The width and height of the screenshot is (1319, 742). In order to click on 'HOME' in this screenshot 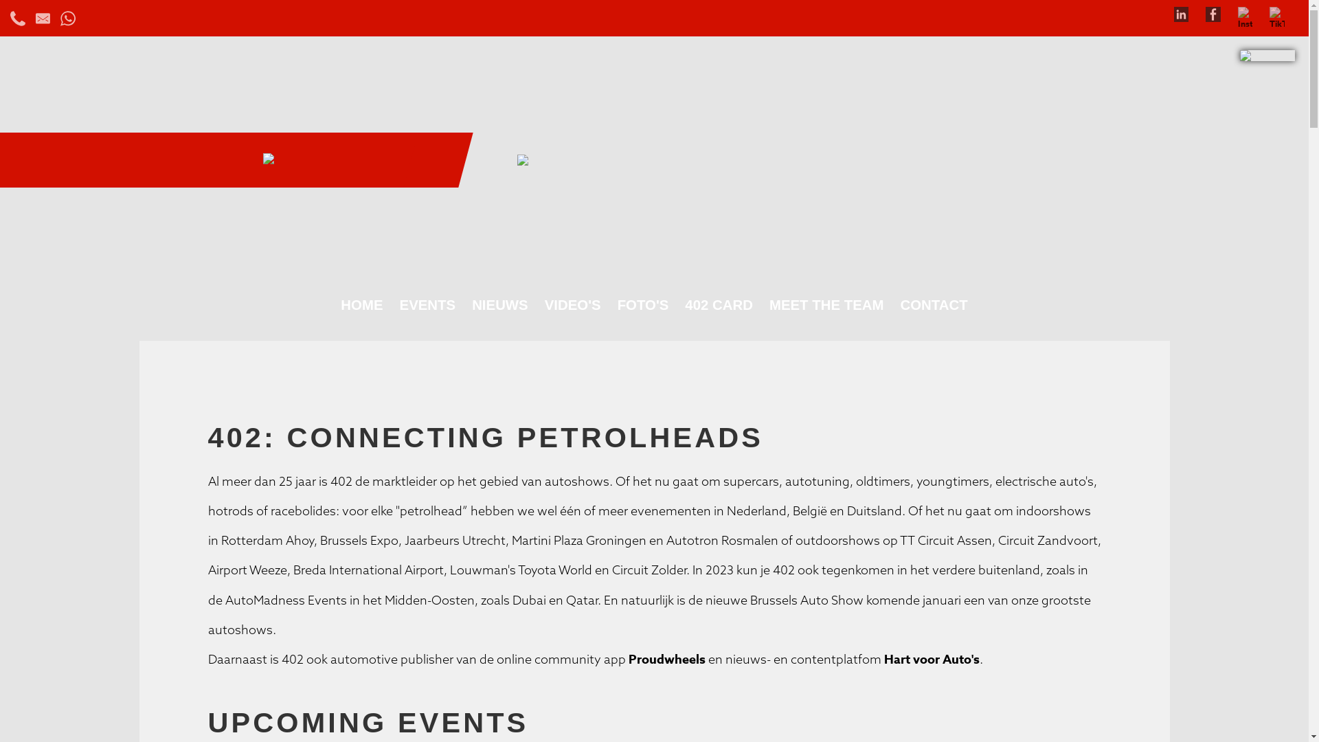, I will do `click(361, 304)`.